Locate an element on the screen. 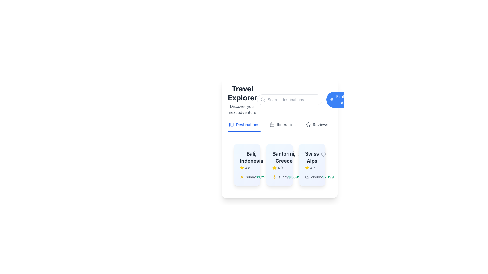 The height and width of the screenshot is (274, 488). text information from the 'cloudy' text element that is accompanied by a cloud icon, located at the bottom of the 'Swiss Alps' card, specifically to the left of the price information is located at coordinates (313, 177).